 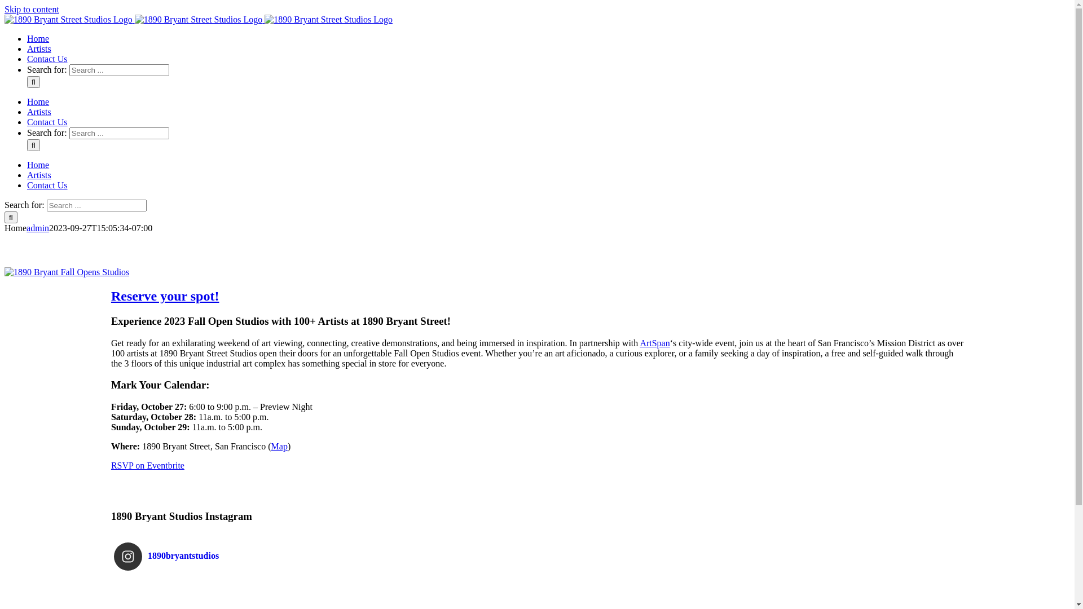 What do you see at coordinates (46, 184) in the screenshot?
I see `'Contact Us'` at bounding box center [46, 184].